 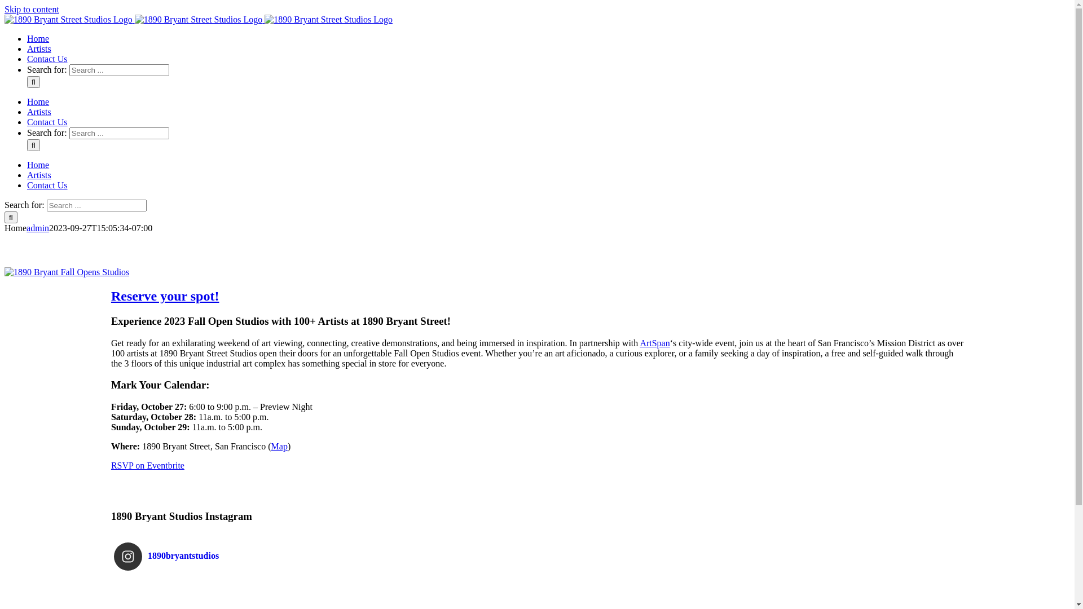 What do you see at coordinates (46, 184) in the screenshot?
I see `'Contact Us'` at bounding box center [46, 184].